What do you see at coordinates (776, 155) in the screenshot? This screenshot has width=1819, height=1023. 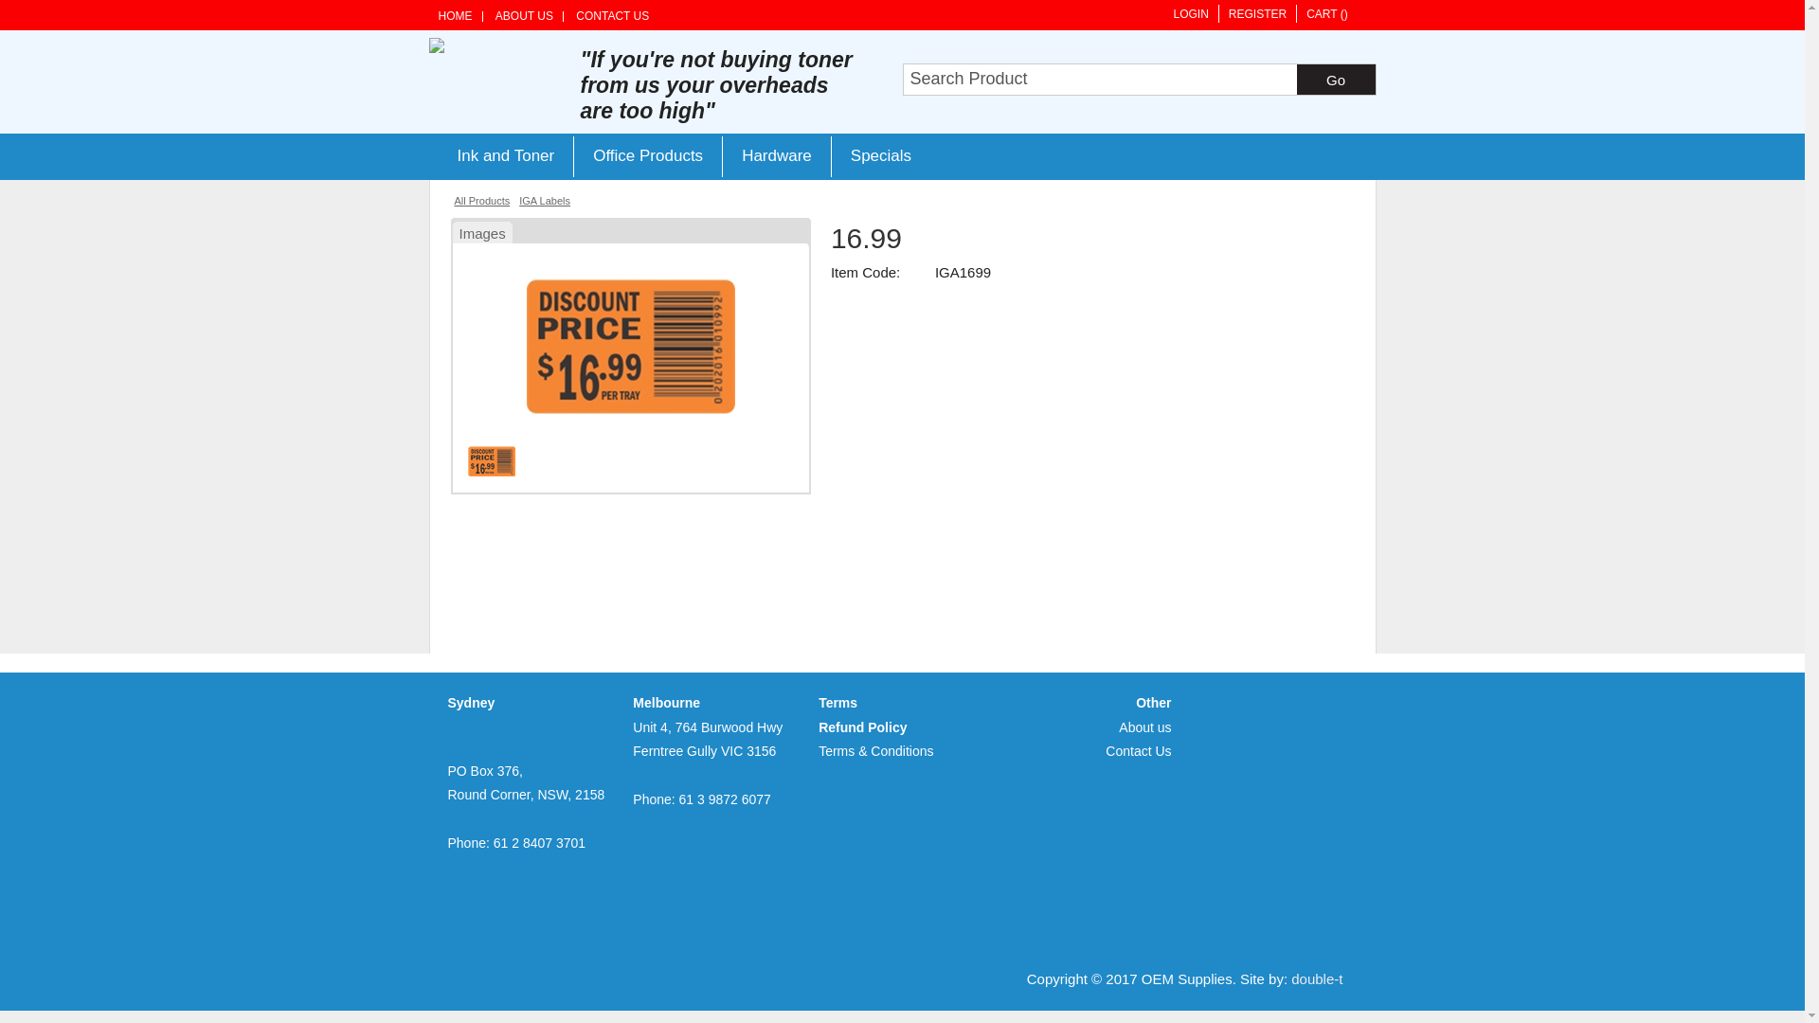 I see `'Hardware'` at bounding box center [776, 155].